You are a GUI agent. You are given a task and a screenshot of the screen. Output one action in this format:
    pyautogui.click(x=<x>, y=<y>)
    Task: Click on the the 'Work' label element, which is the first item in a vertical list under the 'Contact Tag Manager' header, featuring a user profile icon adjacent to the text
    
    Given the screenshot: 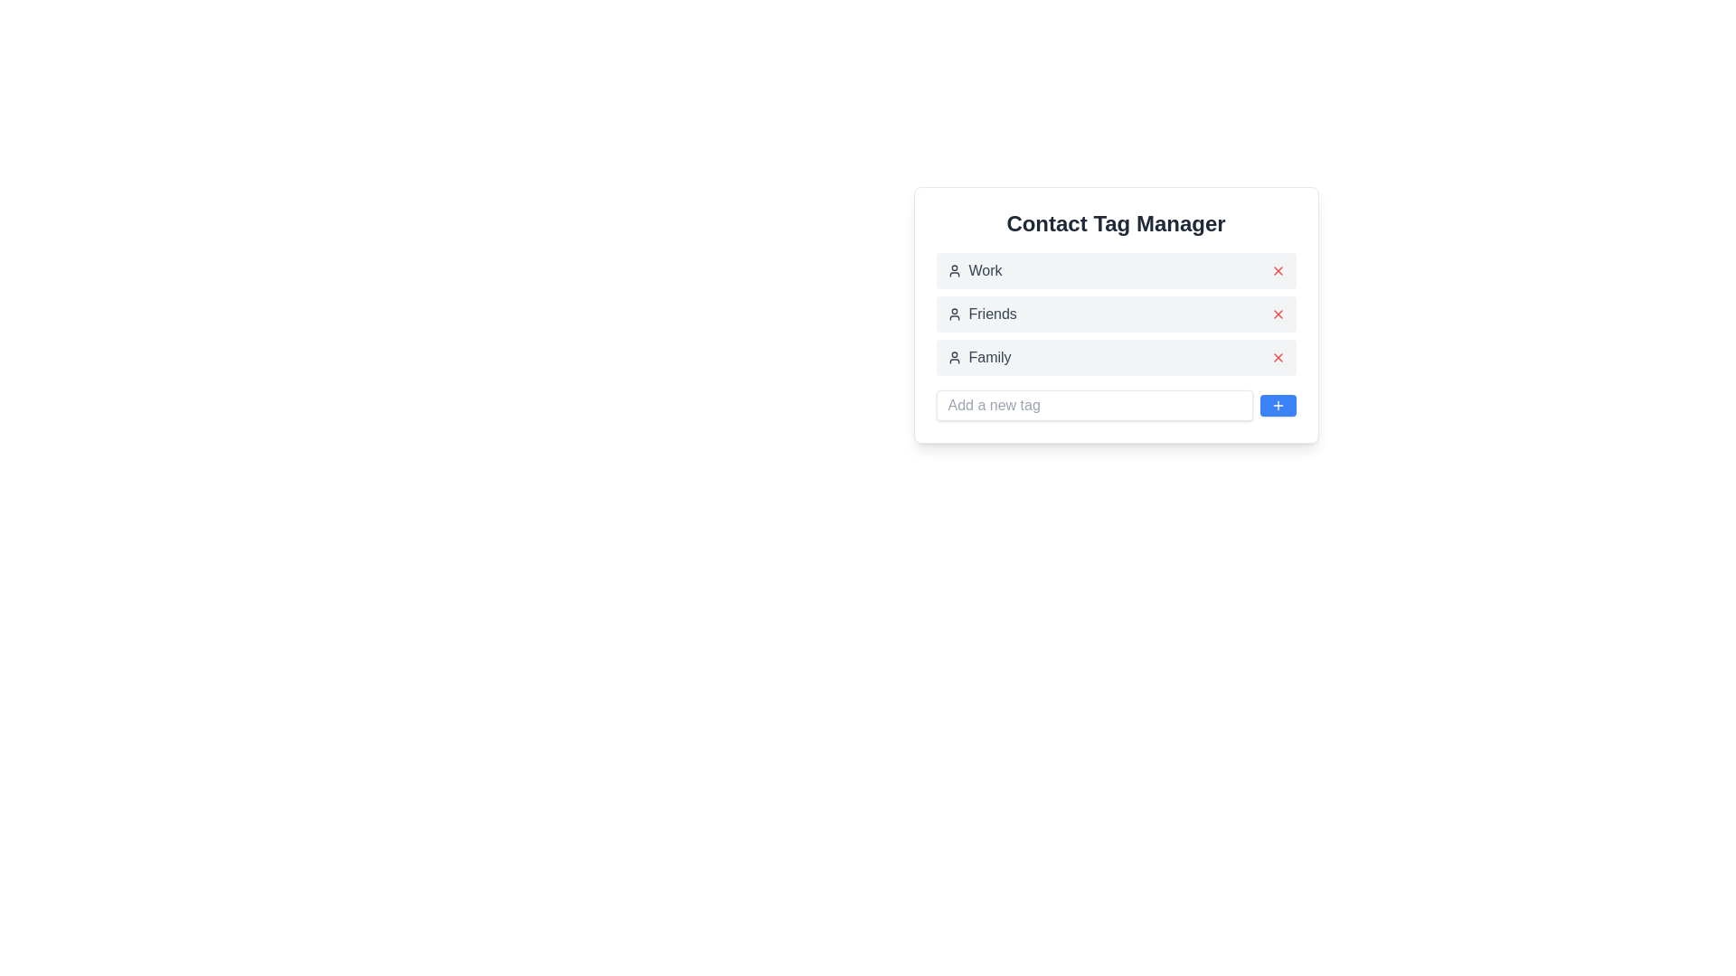 What is the action you would take?
    pyautogui.click(x=974, y=271)
    